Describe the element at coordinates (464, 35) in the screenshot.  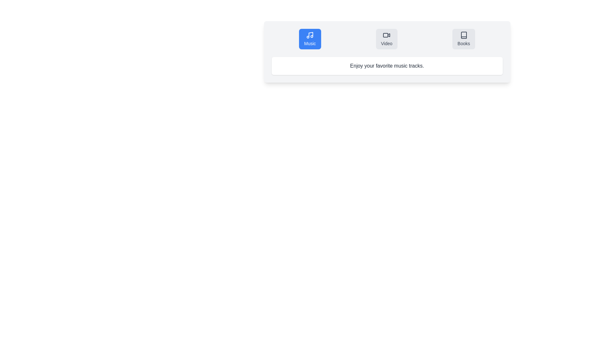
I see `the 'Books' navigation button which features an icon representing the 'Books' section, located at the top of the button above the label 'Books'` at that location.